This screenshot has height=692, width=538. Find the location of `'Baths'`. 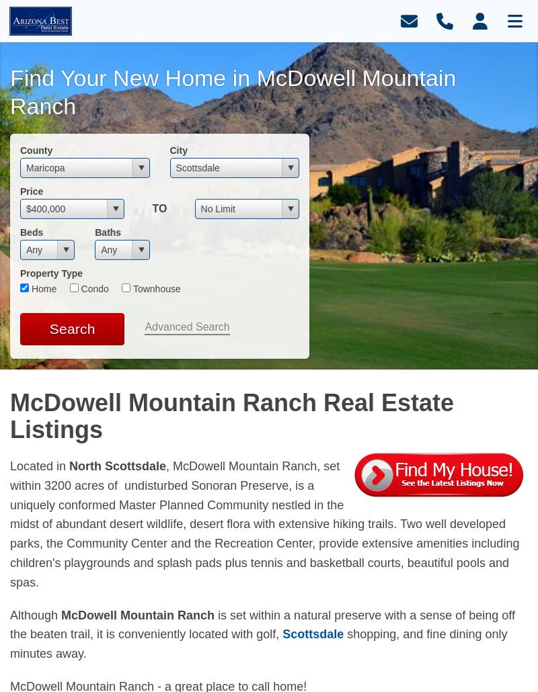

'Baths' is located at coordinates (94, 232).